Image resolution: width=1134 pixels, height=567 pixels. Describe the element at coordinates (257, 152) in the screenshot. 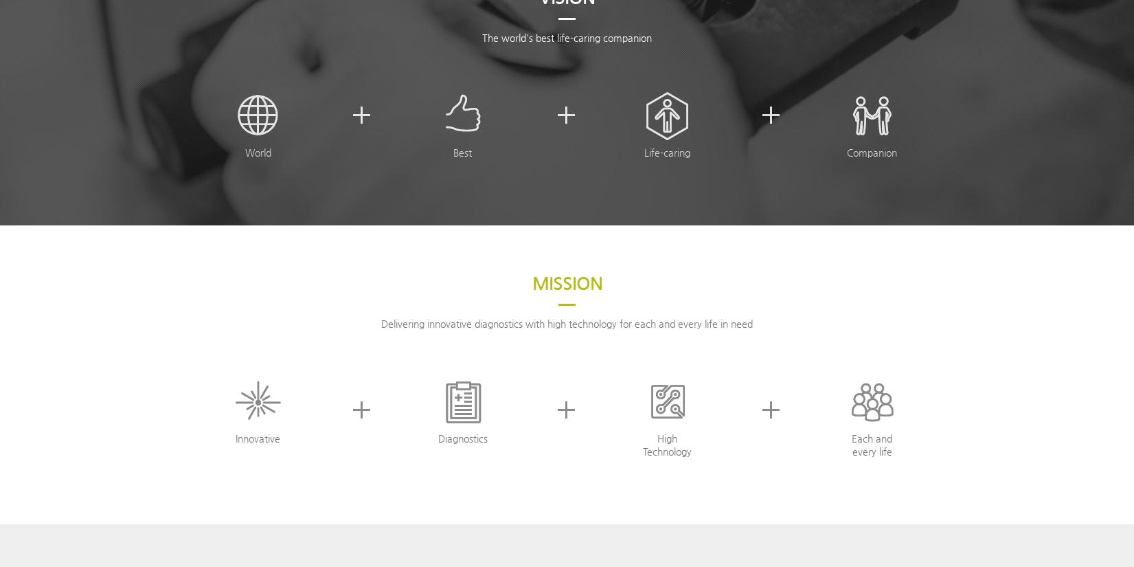

I see `'World'` at that location.